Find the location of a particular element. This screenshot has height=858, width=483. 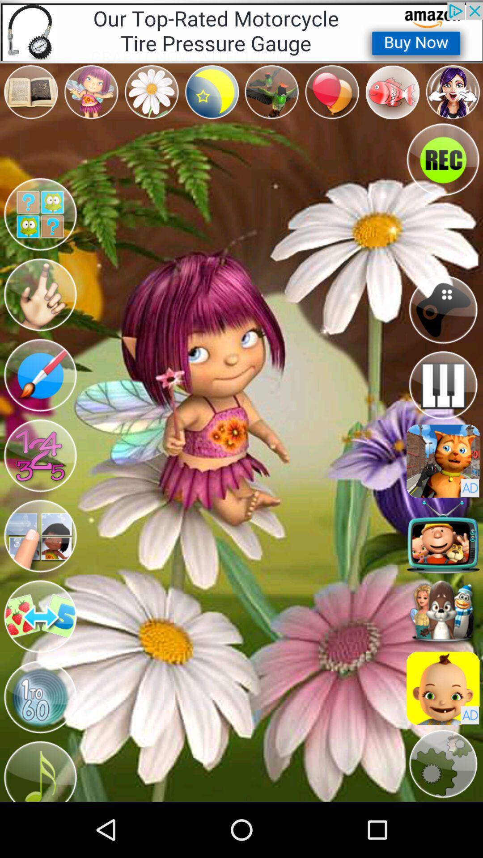

the swap icon is located at coordinates (39, 660).